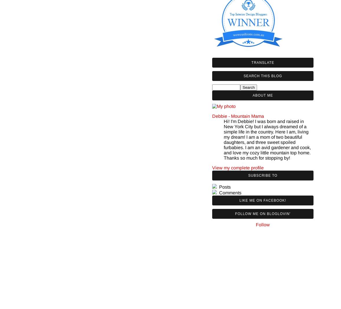  What do you see at coordinates (212, 115) in the screenshot?
I see `'Debbie - Mountain Mama'` at bounding box center [212, 115].